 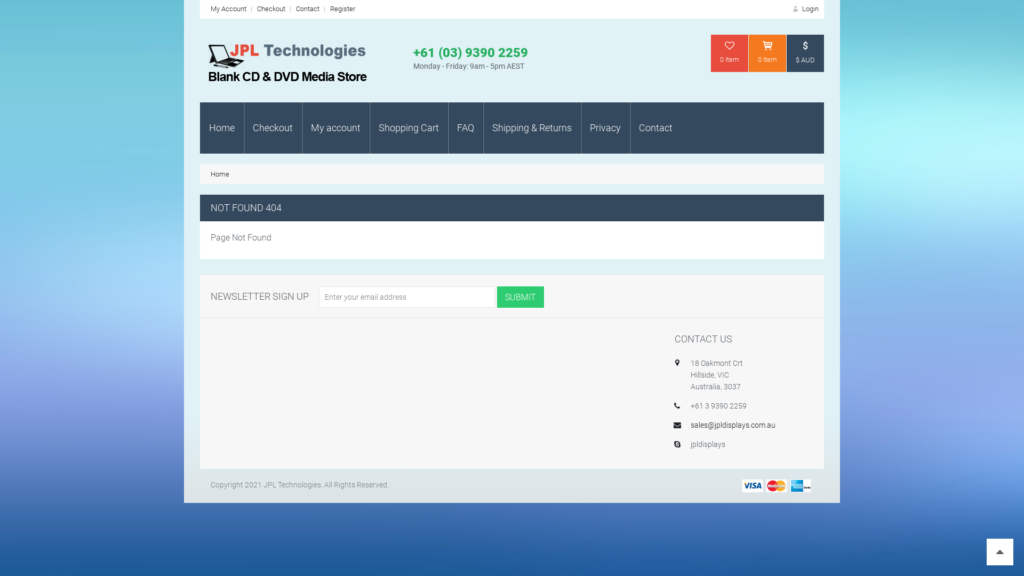 What do you see at coordinates (691, 425) in the screenshot?
I see `'sales@jpldisplays.com.au'` at bounding box center [691, 425].